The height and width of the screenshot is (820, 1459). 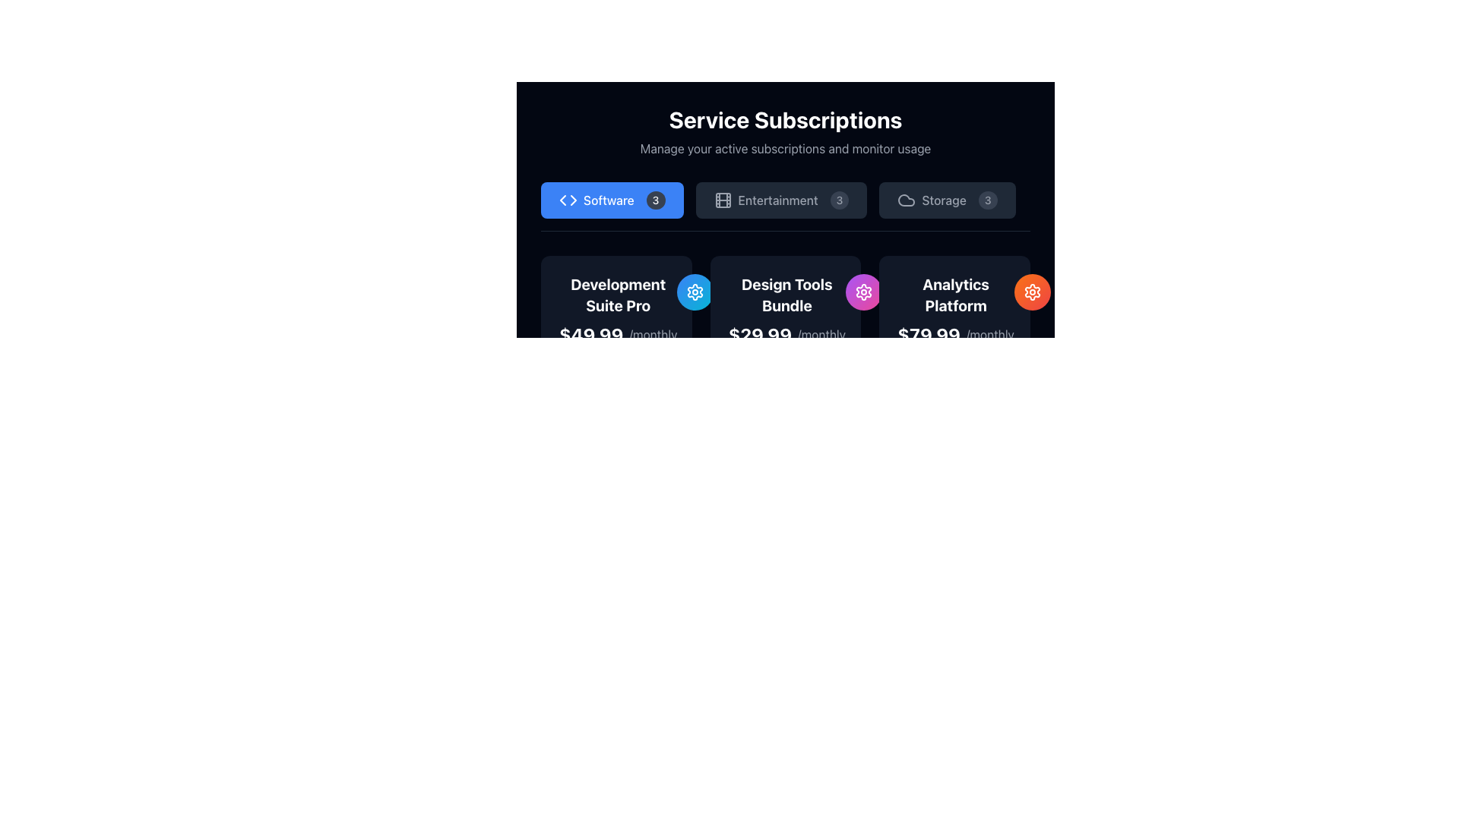 I want to click on the text label that describes the 'Design Tools Bundle' subscription option, located centrally below the 'Software' tab within the second card of subscription options, so click(x=786, y=295).